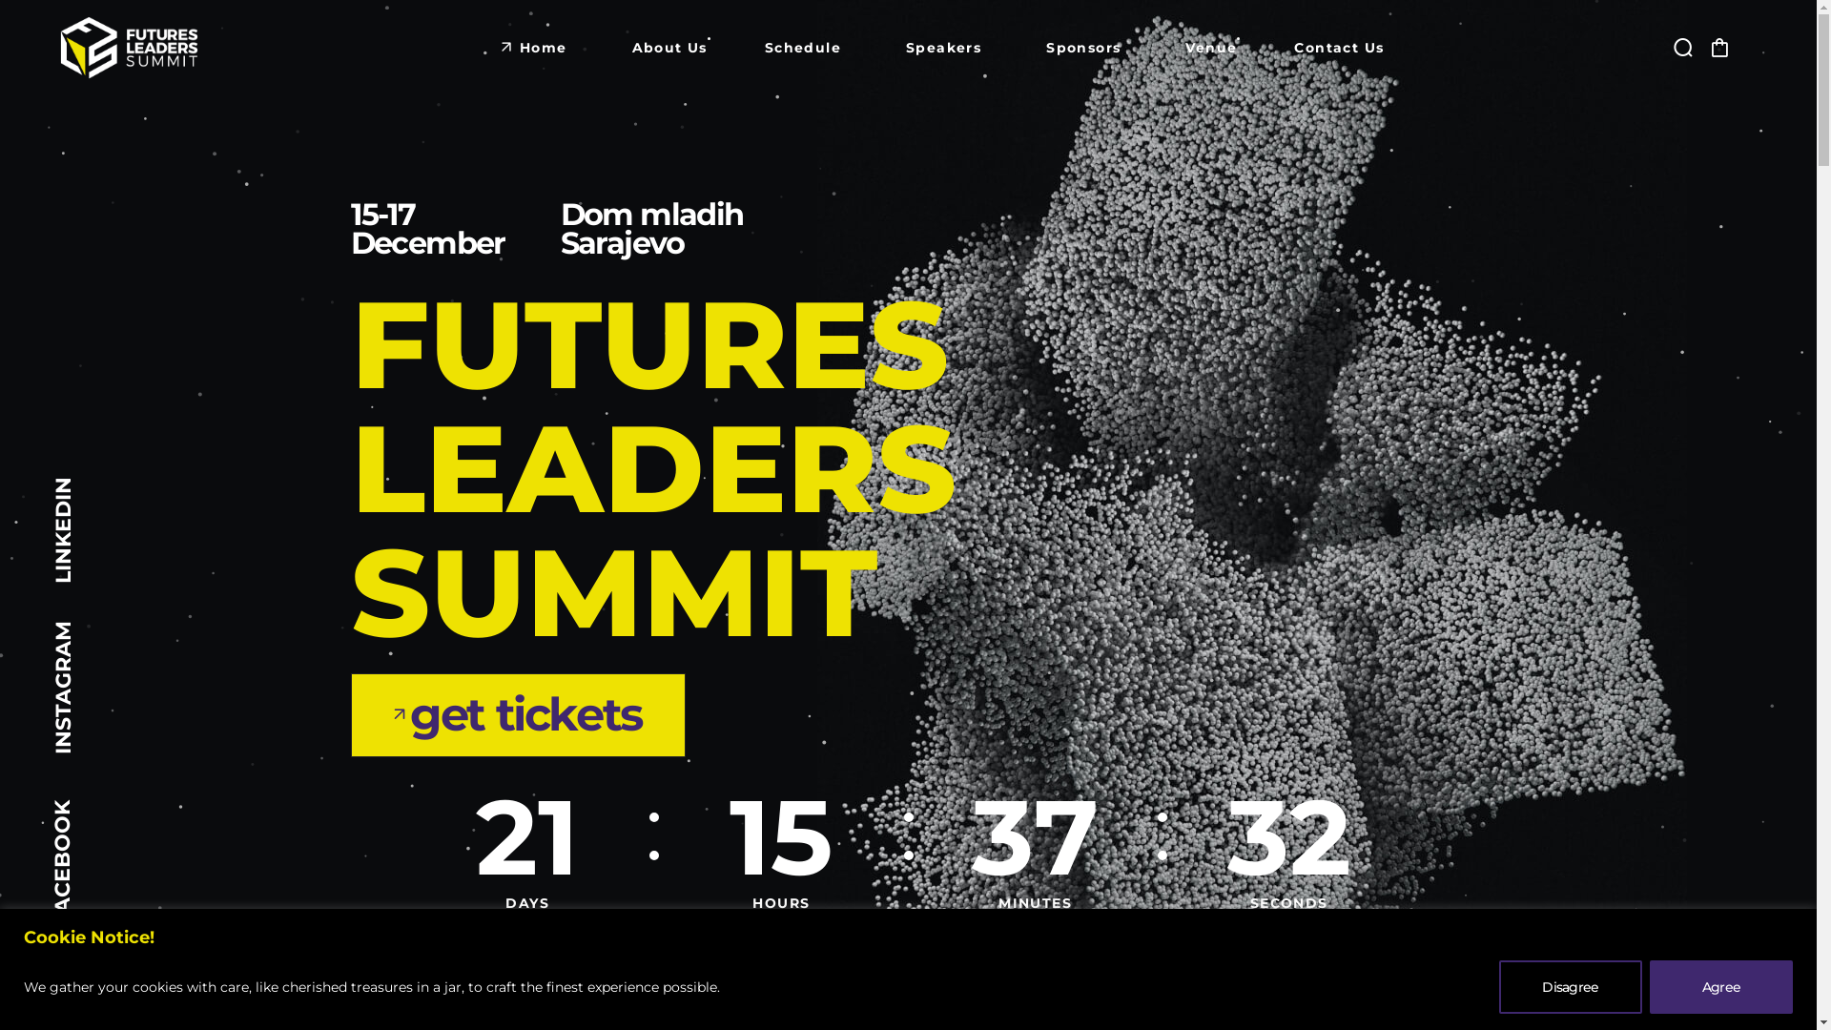 This screenshot has height=1030, width=1831. What do you see at coordinates (943, 47) in the screenshot?
I see `'Speakers'` at bounding box center [943, 47].